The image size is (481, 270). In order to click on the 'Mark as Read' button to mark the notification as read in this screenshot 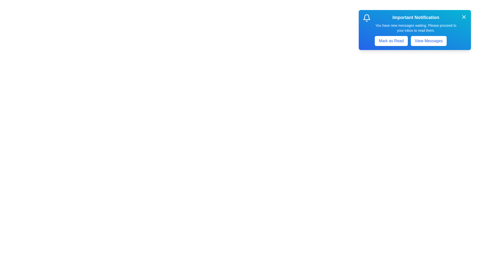, I will do `click(391, 41)`.